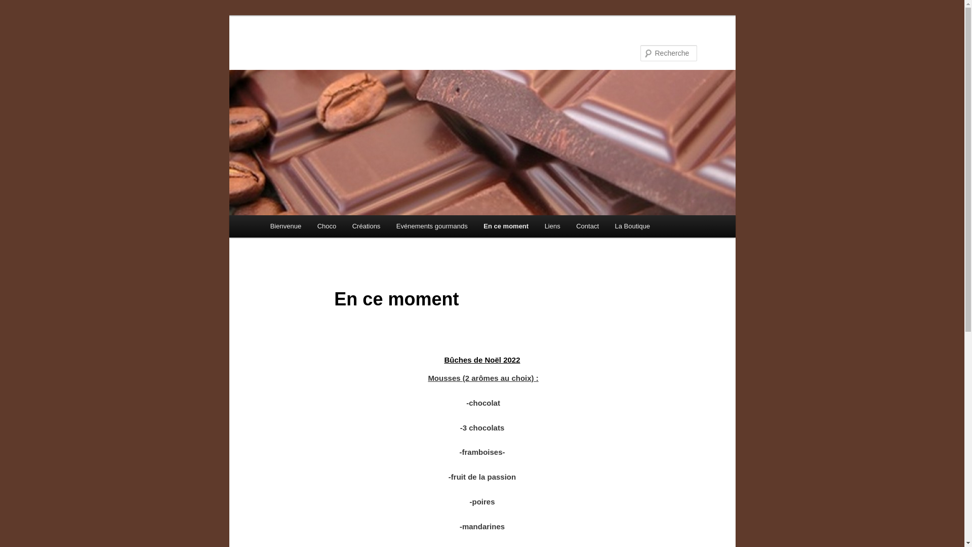  What do you see at coordinates (318, 228) in the screenshot?
I see `'Aller au contenu principal'` at bounding box center [318, 228].